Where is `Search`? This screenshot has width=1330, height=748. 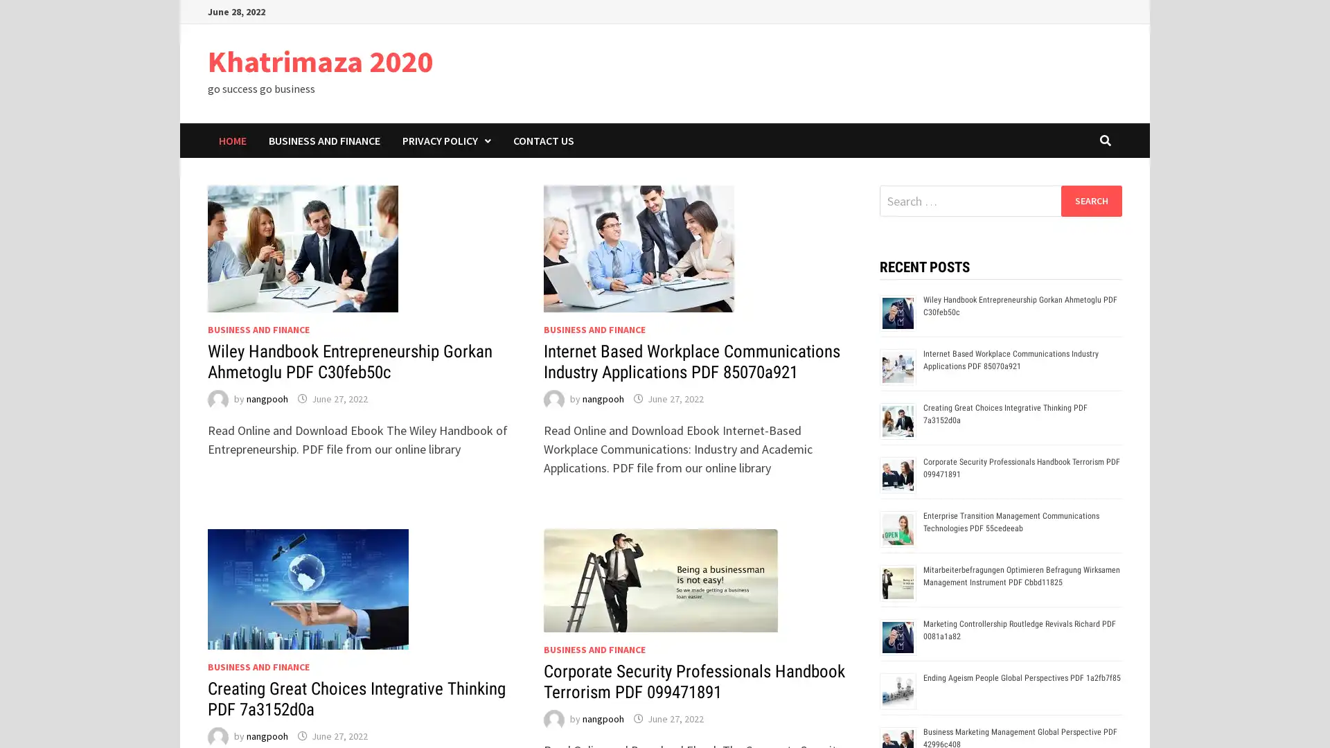
Search is located at coordinates (1090, 200).